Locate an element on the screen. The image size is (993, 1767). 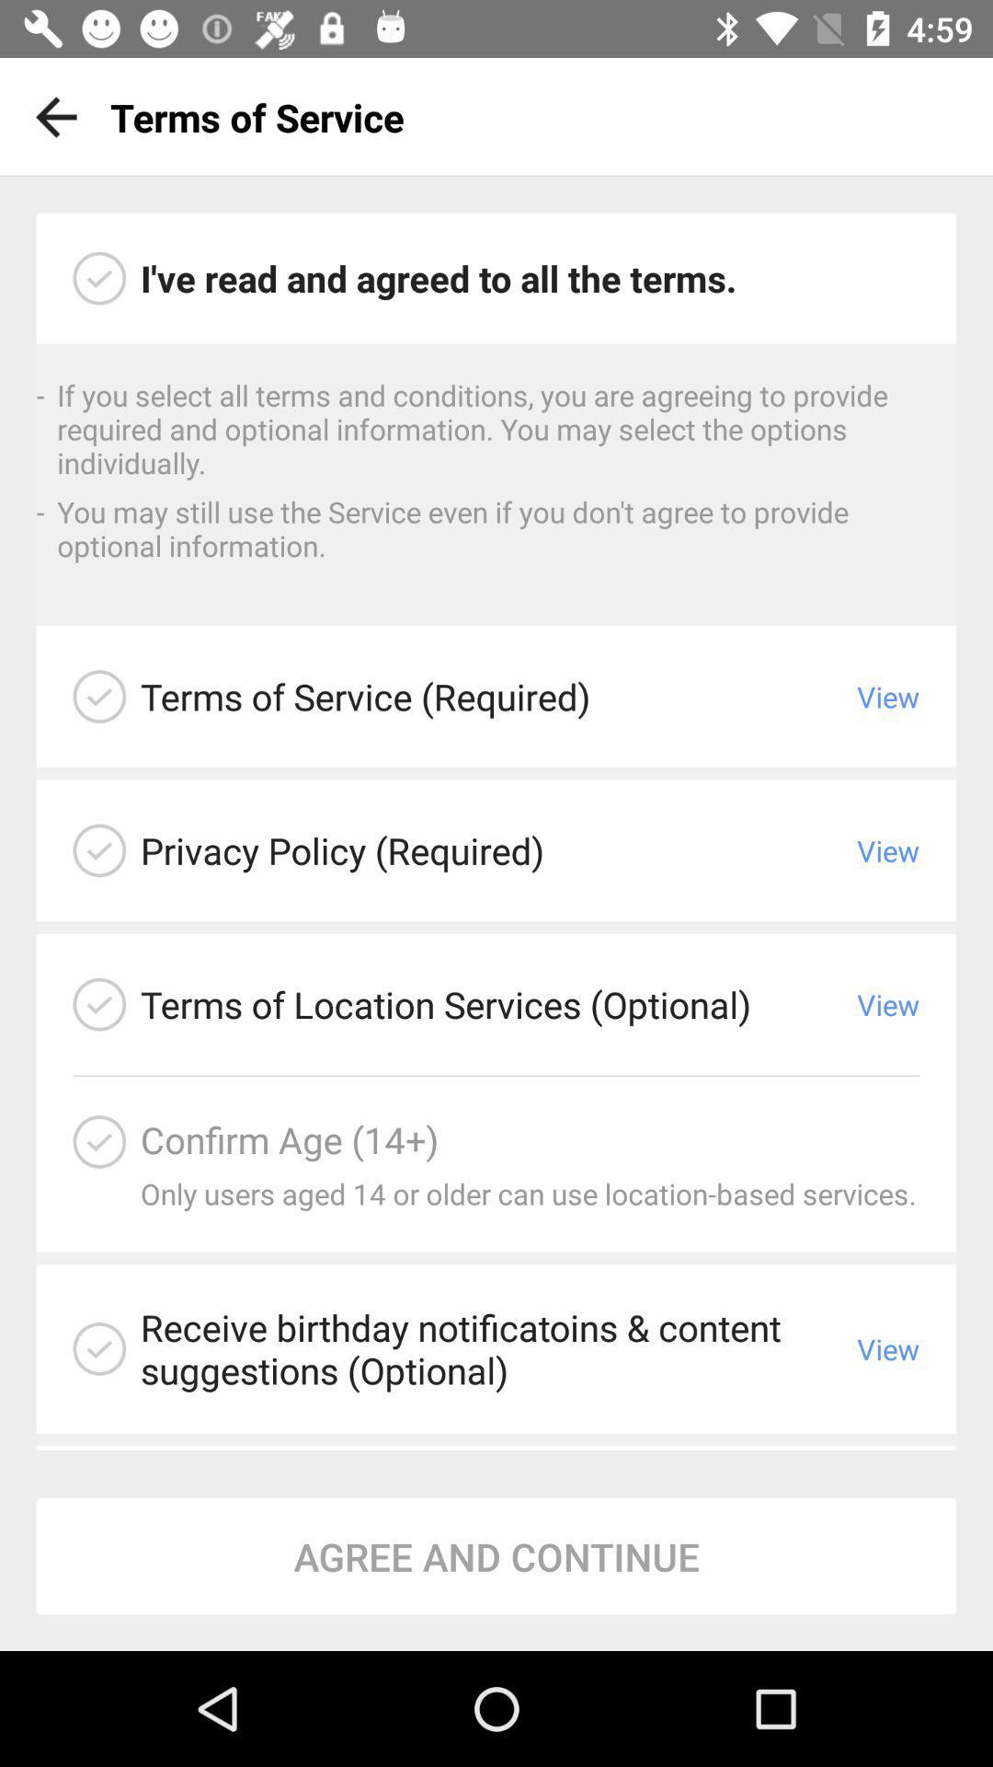
check to agree is located at coordinates (99, 277).